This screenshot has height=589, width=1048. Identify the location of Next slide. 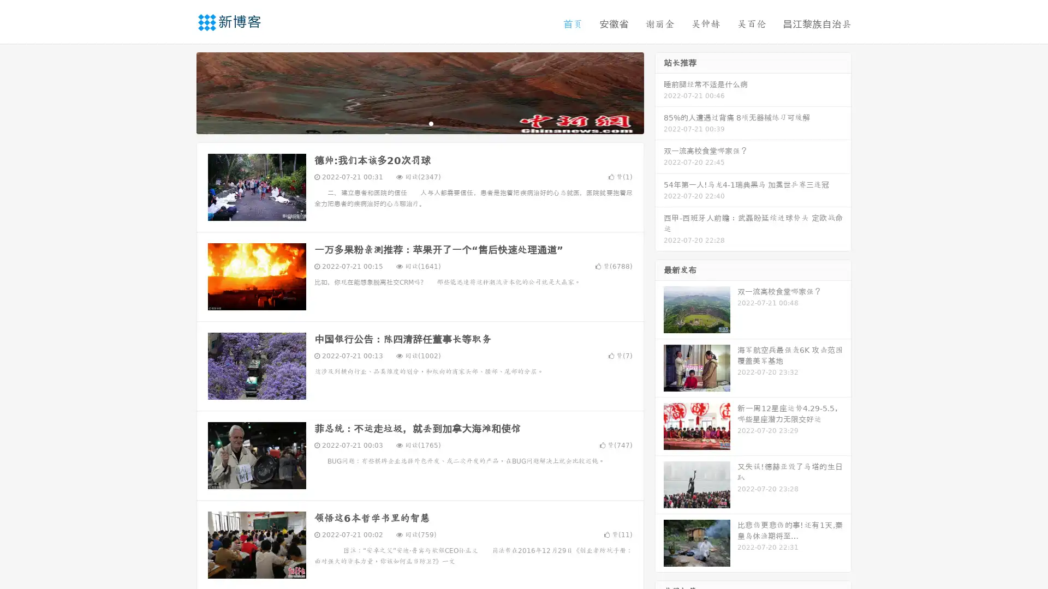
(659, 92).